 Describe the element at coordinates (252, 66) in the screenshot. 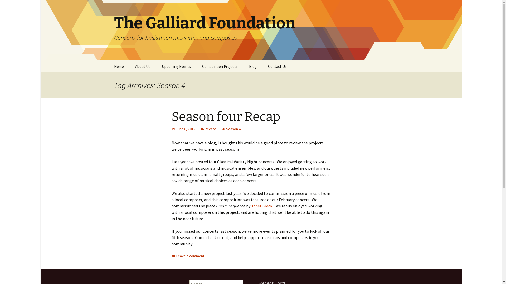

I see `'Blog'` at that location.